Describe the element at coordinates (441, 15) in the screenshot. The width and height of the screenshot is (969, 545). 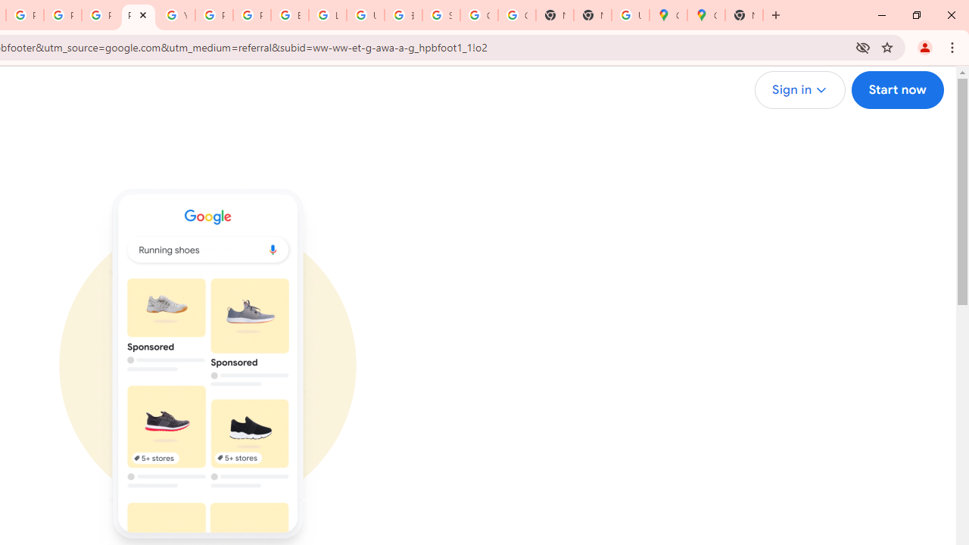
I see `'Sign in - Google Accounts'` at that location.